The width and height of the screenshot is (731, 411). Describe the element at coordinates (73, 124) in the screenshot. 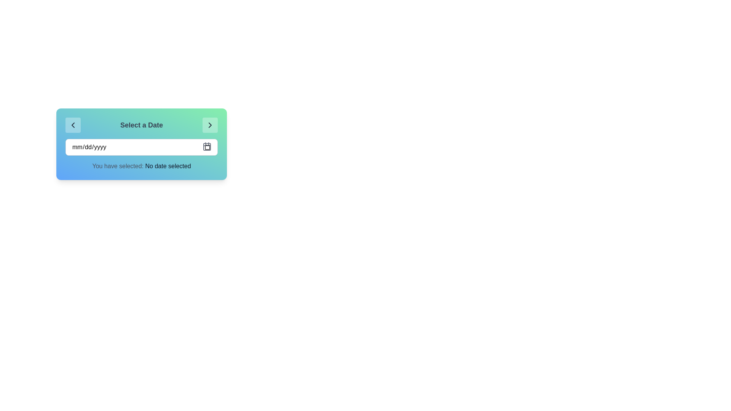

I see `the first button on the left in the 'Select a Date' bar` at that location.